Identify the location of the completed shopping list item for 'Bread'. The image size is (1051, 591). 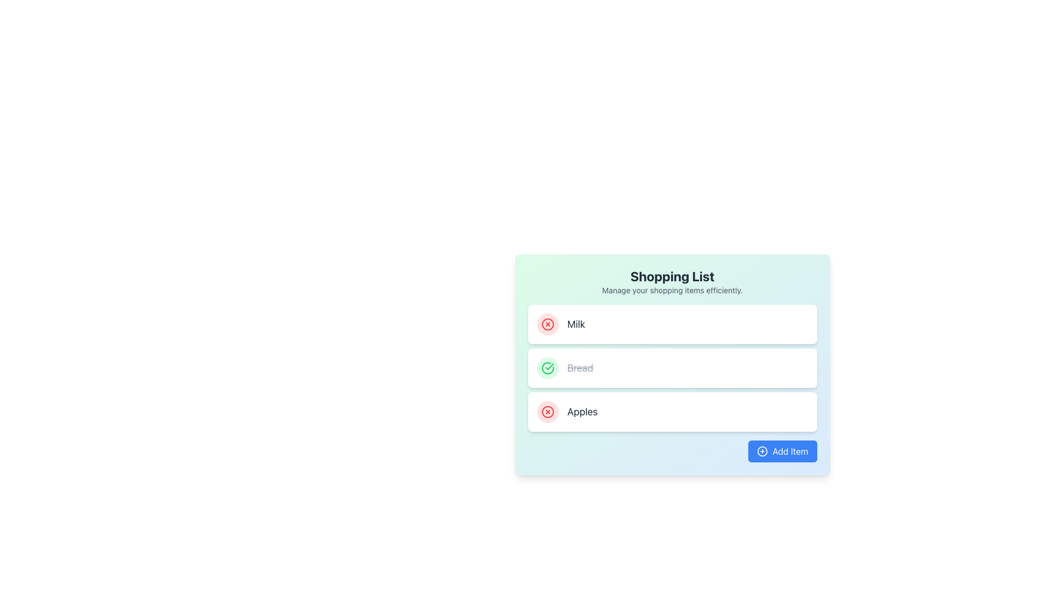
(672, 368).